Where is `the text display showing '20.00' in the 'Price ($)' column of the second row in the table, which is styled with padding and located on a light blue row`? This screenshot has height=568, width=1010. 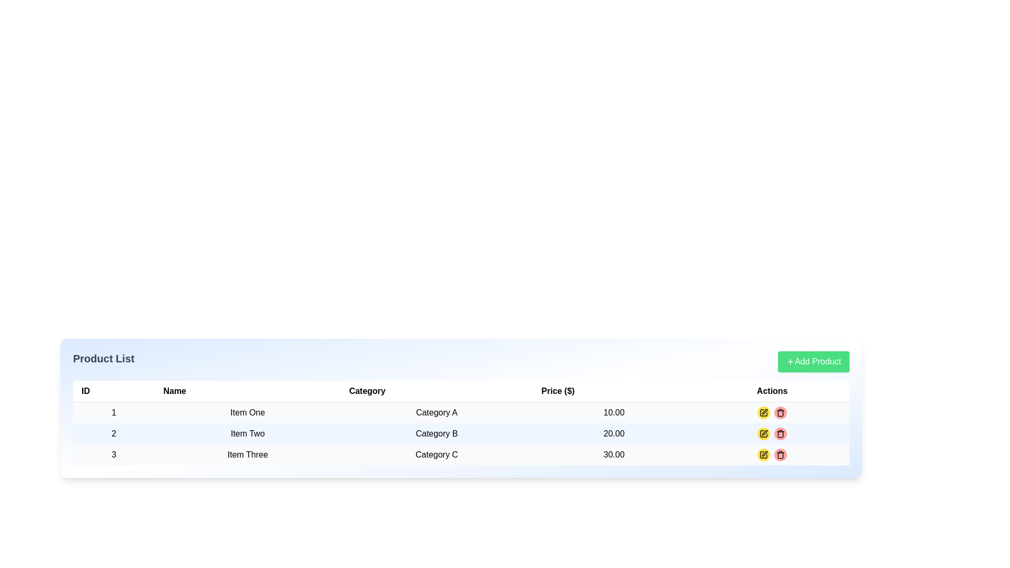
the text display showing '20.00' in the 'Price ($)' column of the second row in the table, which is styled with padding and located on a light blue row is located at coordinates (614, 434).